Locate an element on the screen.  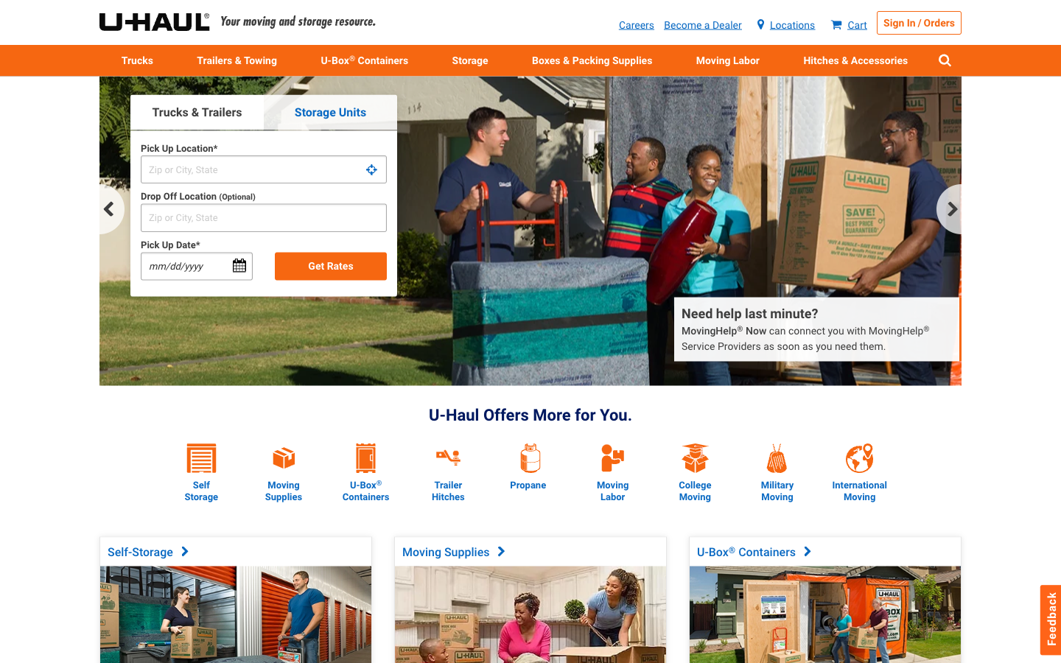
I need to access information about renting trucks. Can you guide me? is located at coordinates (137, 59).